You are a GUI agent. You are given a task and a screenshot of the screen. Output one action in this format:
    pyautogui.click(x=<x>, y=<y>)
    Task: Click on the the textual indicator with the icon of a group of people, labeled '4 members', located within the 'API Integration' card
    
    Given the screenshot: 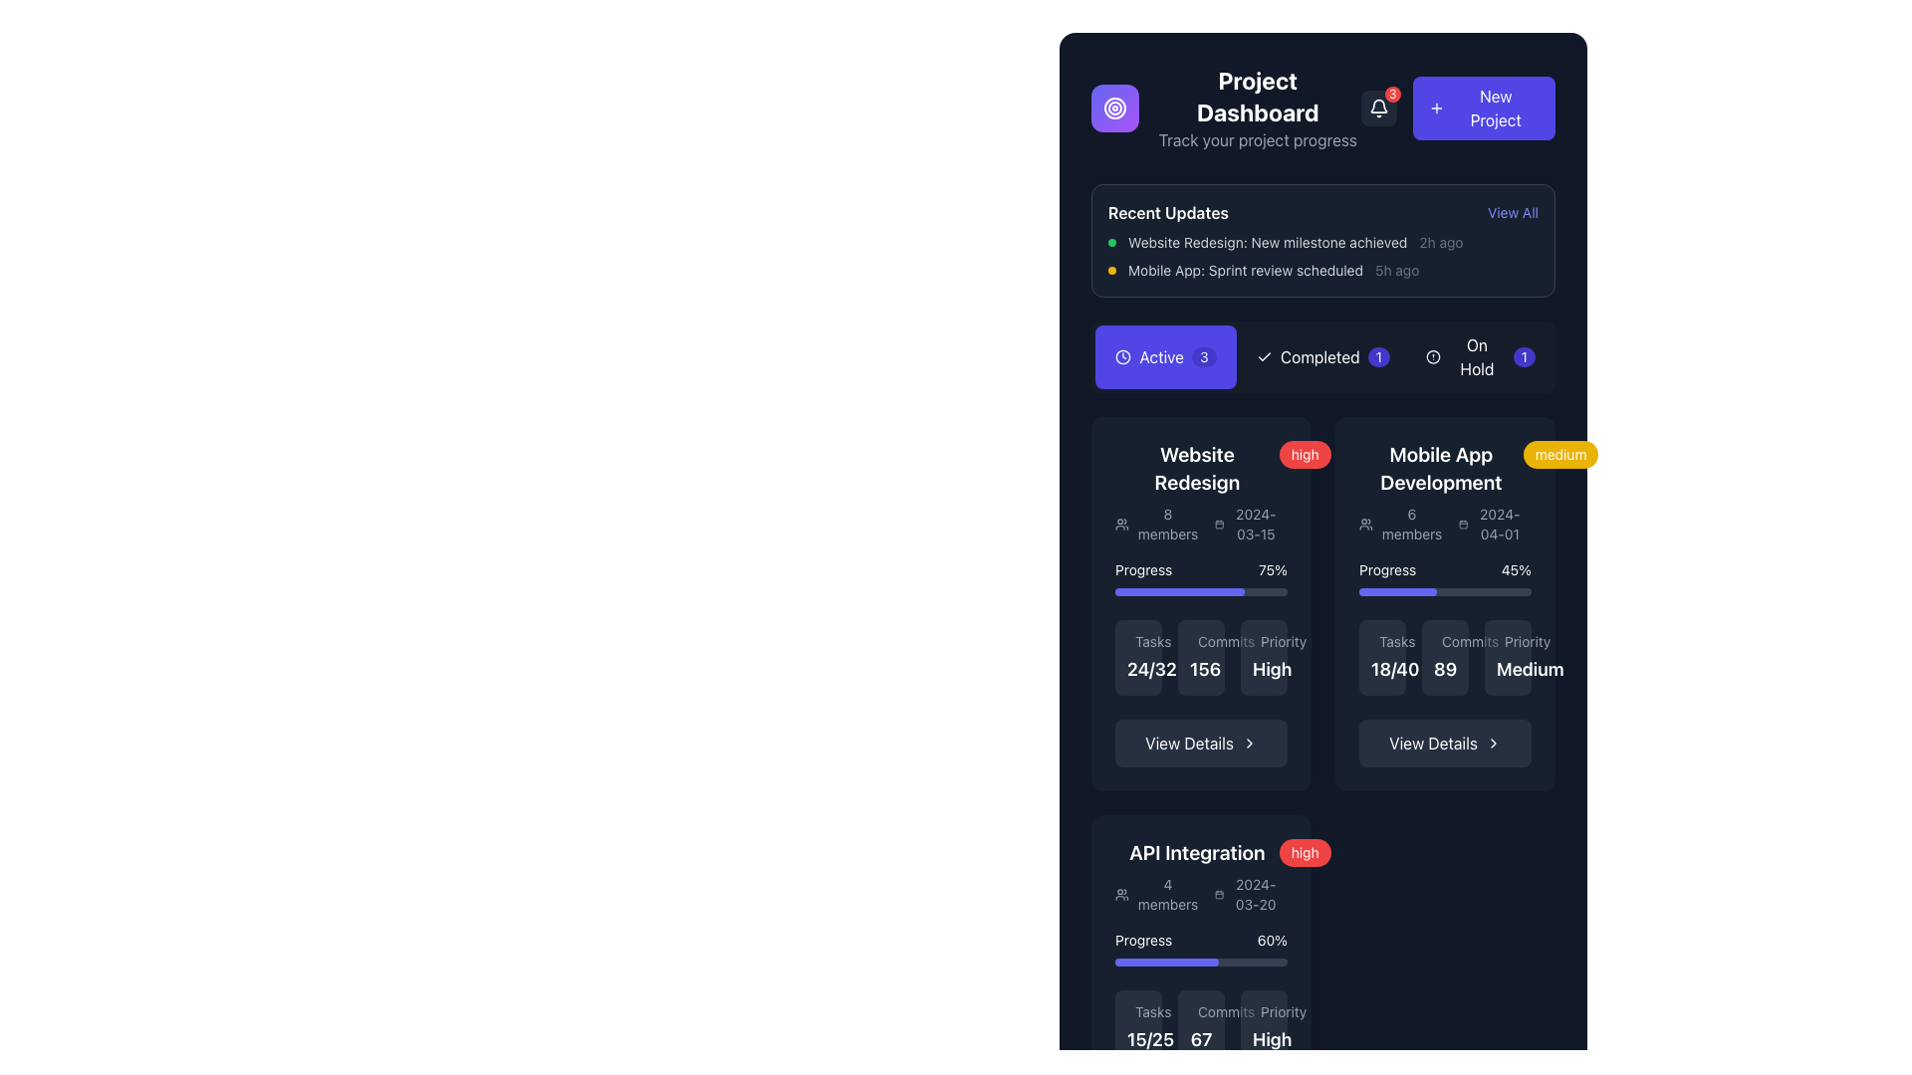 What is the action you would take?
    pyautogui.click(x=1157, y=893)
    